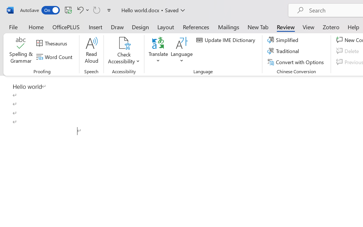  Describe the element at coordinates (284, 40) in the screenshot. I see `'Simplified'` at that location.